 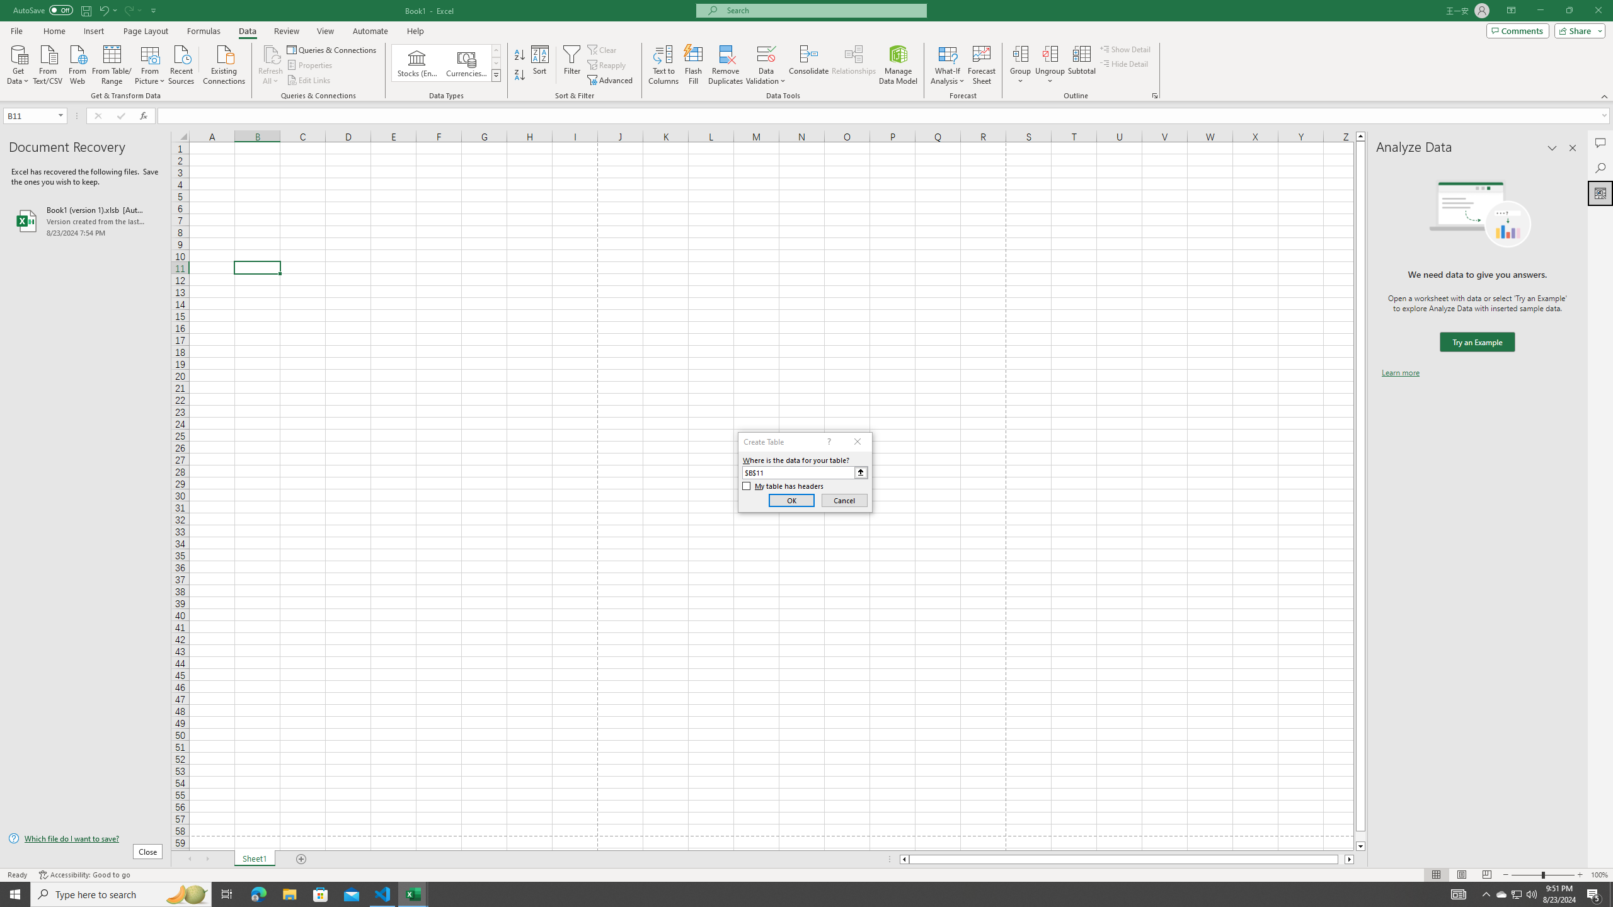 What do you see at coordinates (285, 31) in the screenshot?
I see `'Review'` at bounding box center [285, 31].